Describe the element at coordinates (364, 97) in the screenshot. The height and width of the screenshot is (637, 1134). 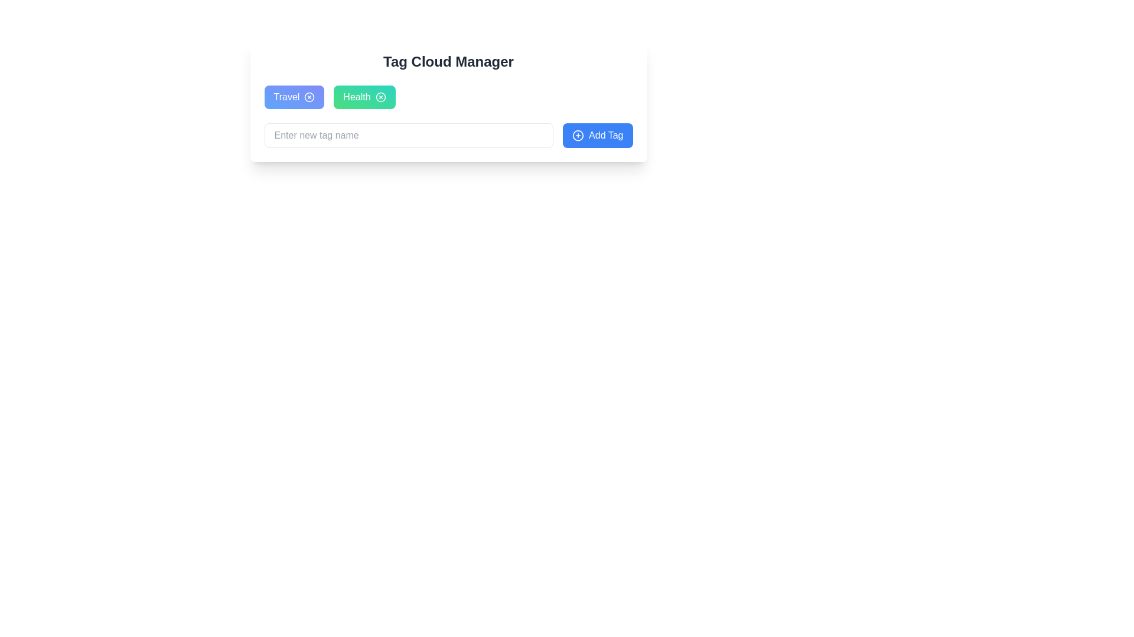
I see `the 'Health' button with an embedded 'x' icon` at that location.